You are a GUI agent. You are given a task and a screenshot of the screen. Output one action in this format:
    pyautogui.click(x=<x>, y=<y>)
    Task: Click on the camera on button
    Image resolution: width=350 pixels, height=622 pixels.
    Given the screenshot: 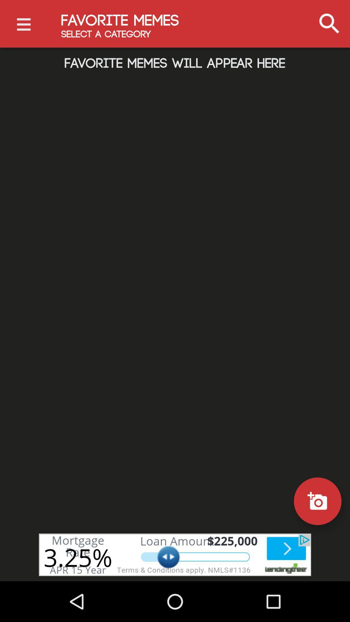 What is the action you would take?
    pyautogui.click(x=317, y=501)
    